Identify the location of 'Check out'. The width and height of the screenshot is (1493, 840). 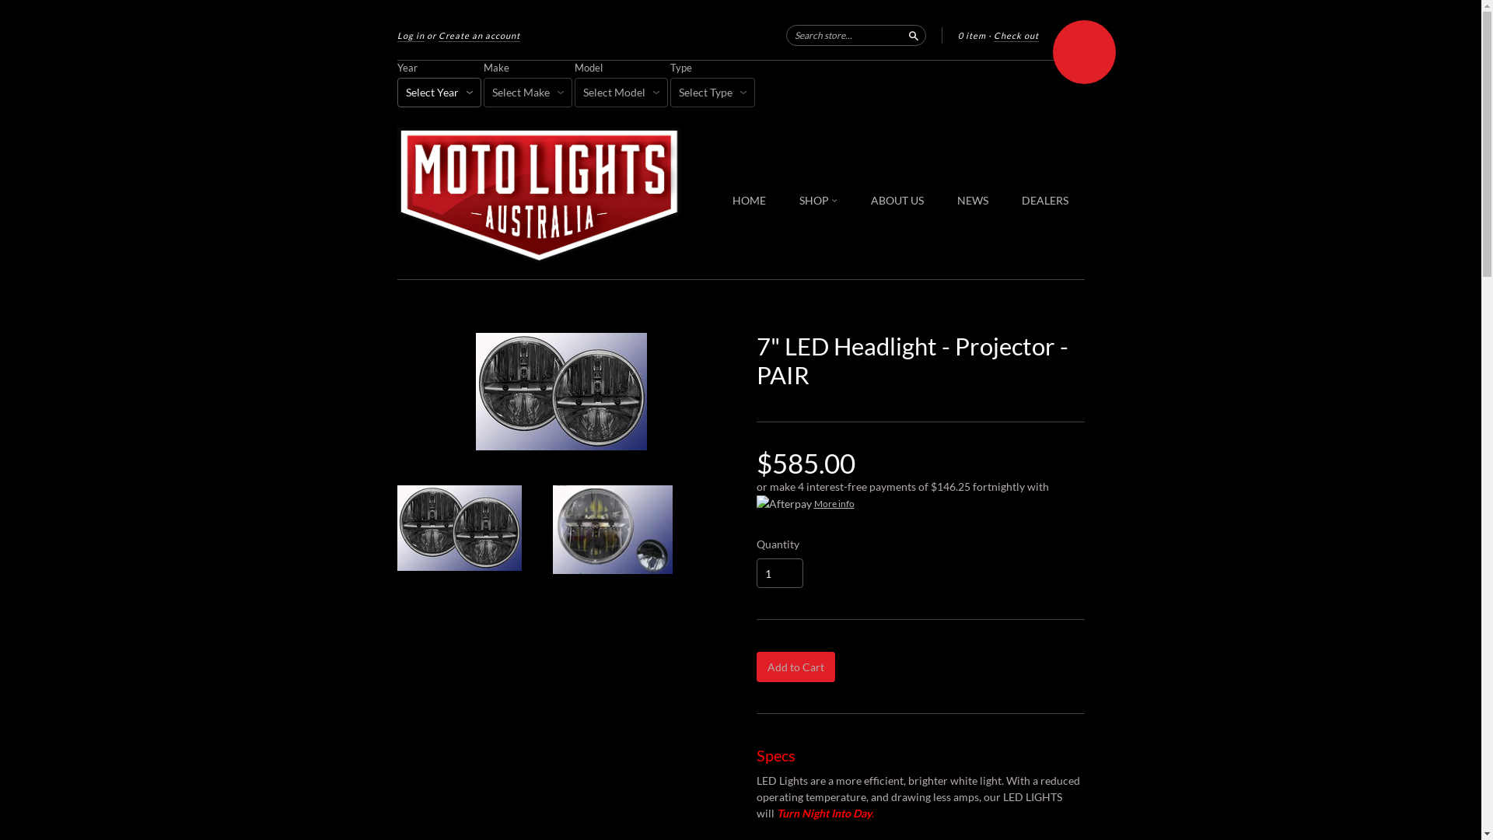
(1016, 35).